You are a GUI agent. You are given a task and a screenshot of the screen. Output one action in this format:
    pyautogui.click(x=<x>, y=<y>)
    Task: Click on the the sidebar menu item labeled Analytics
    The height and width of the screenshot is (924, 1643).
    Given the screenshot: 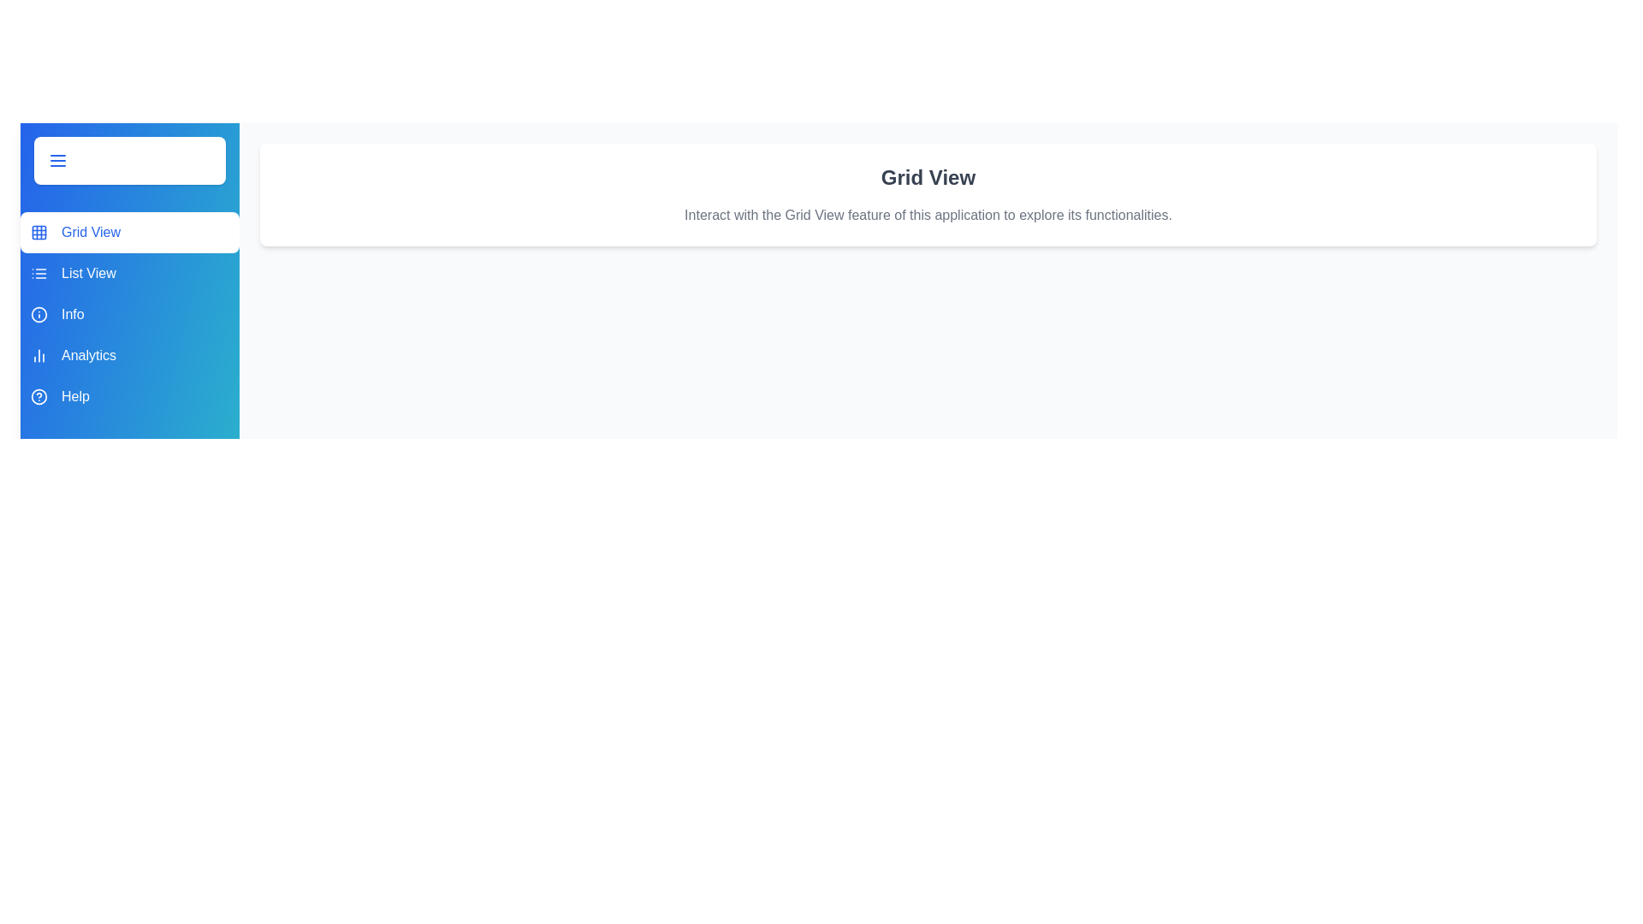 What is the action you would take?
    pyautogui.click(x=129, y=355)
    